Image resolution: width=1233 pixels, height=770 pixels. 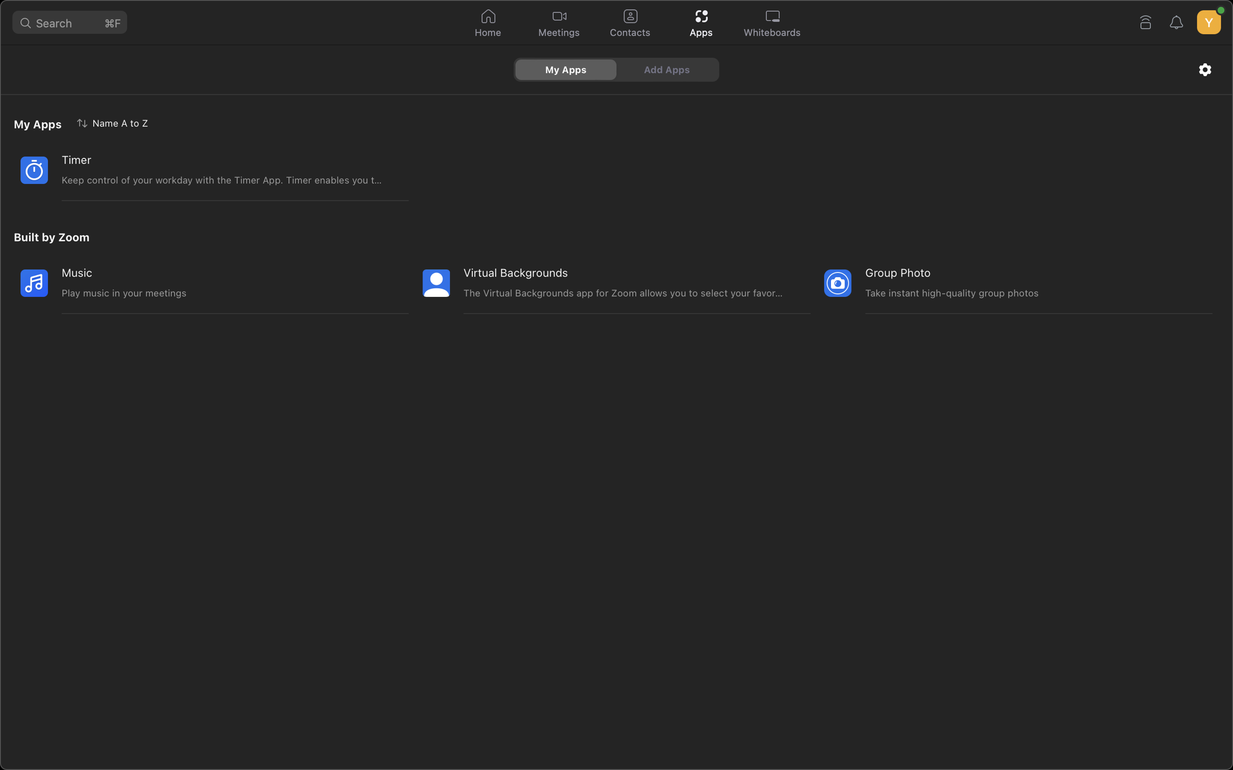 I want to click on Zoom configuration settings, so click(x=1205, y=69).